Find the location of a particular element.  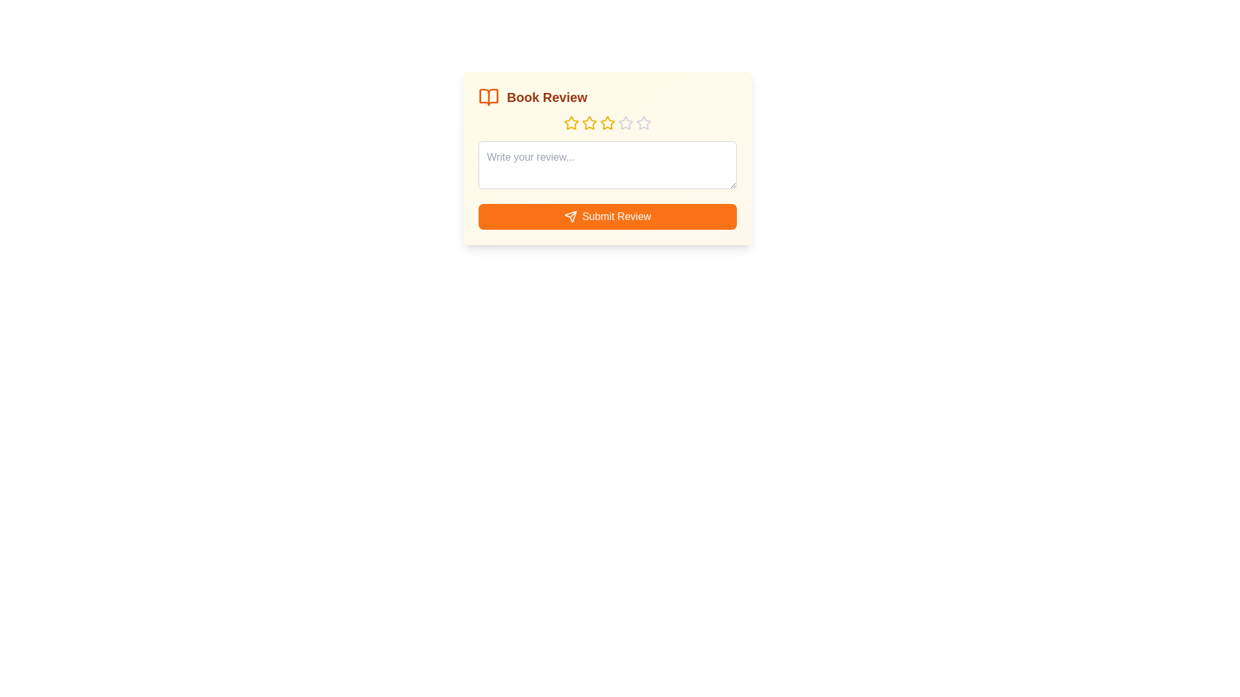

submit button to submit the review is located at coordinates (606, 216).